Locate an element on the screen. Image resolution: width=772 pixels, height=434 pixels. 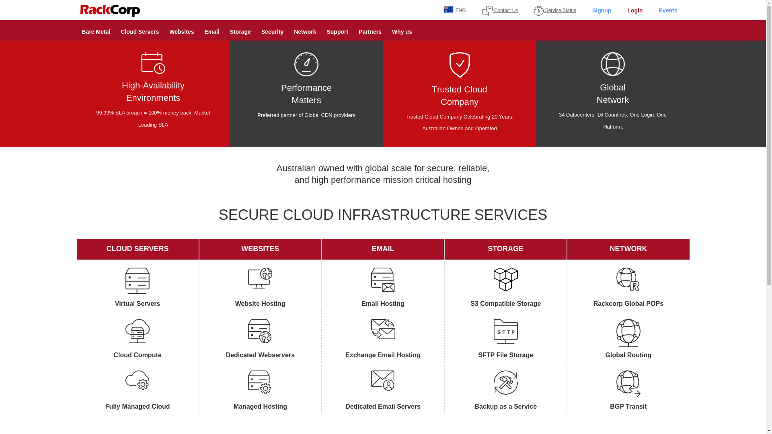
'Rackcorp Global POPs' is located at coordinates (628, 287).